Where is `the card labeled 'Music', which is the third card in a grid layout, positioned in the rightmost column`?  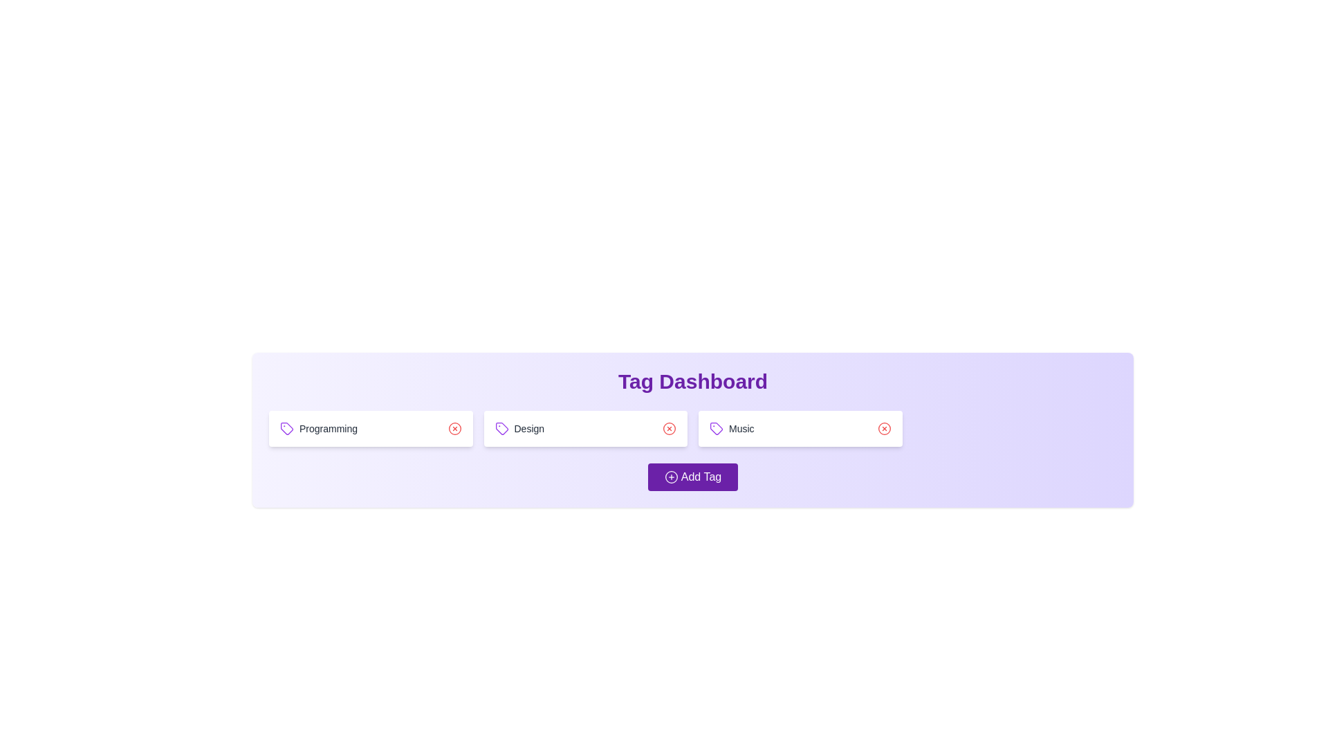 the card labeled 'Music', which is the third card in a grid layout, positioned in the rightmost column is located at coordinates (800, 428).